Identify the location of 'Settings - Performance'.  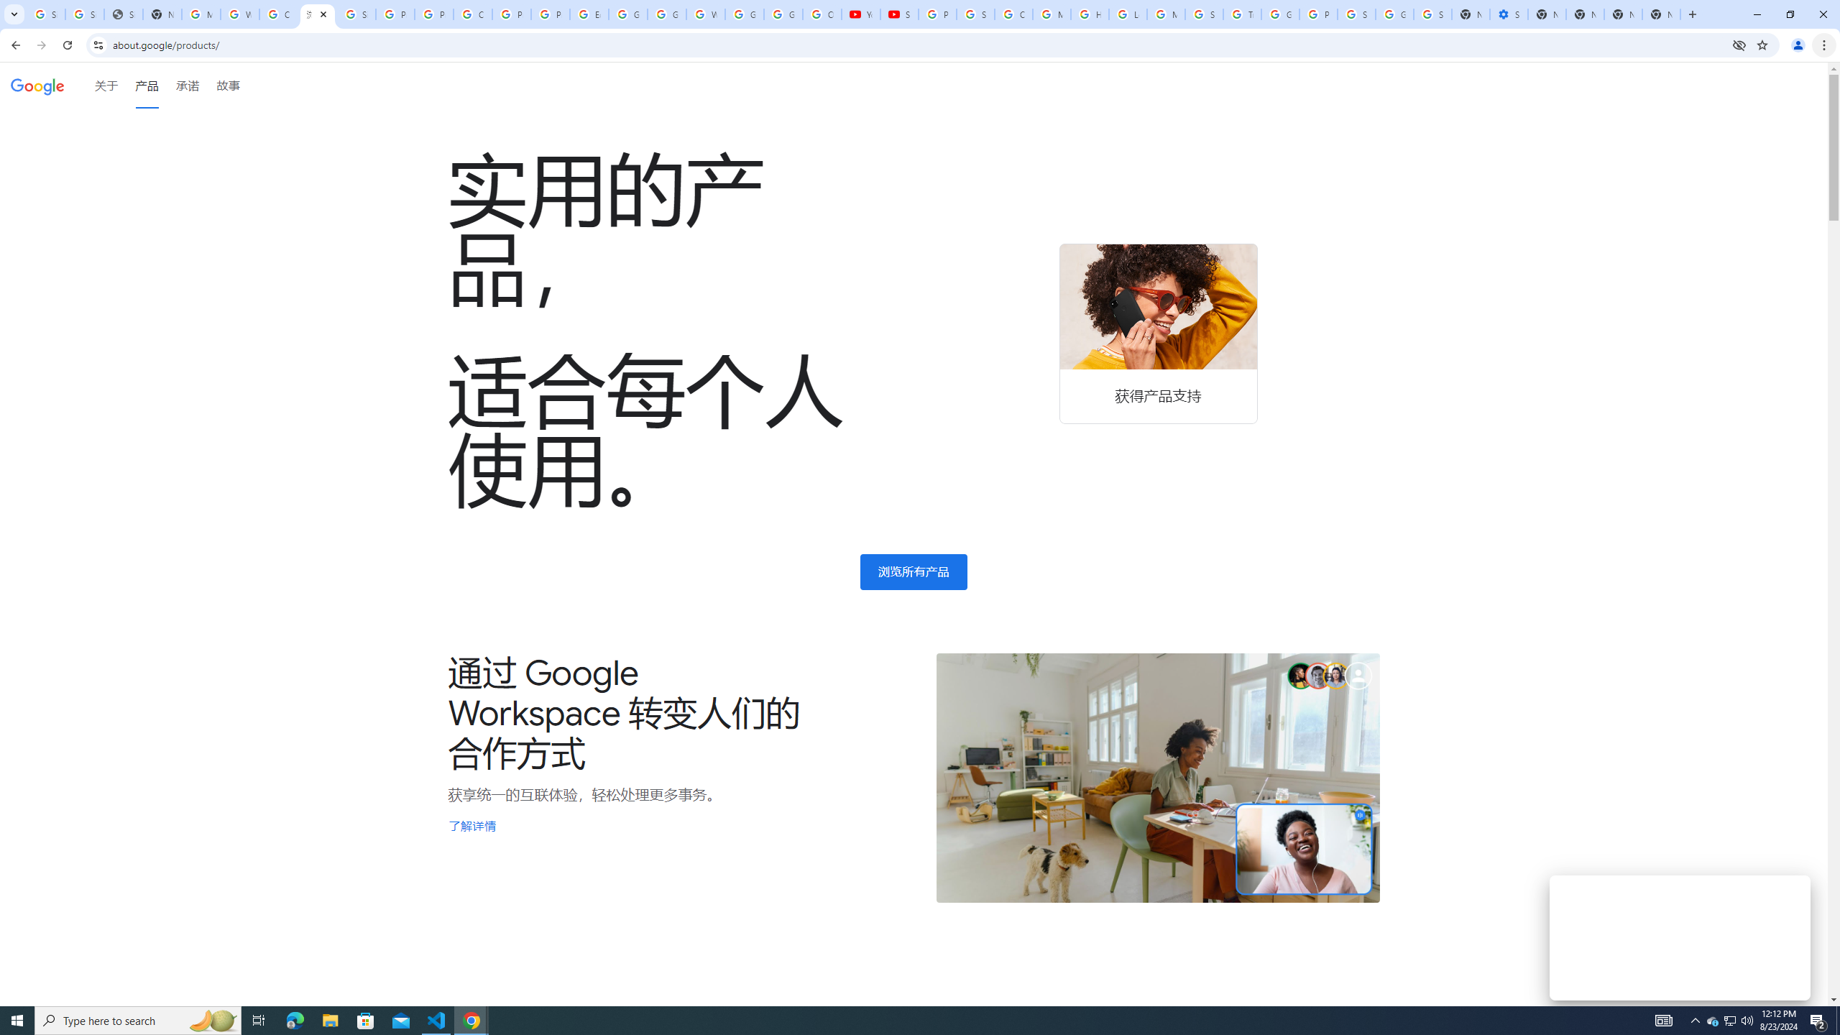
(1509, 14).